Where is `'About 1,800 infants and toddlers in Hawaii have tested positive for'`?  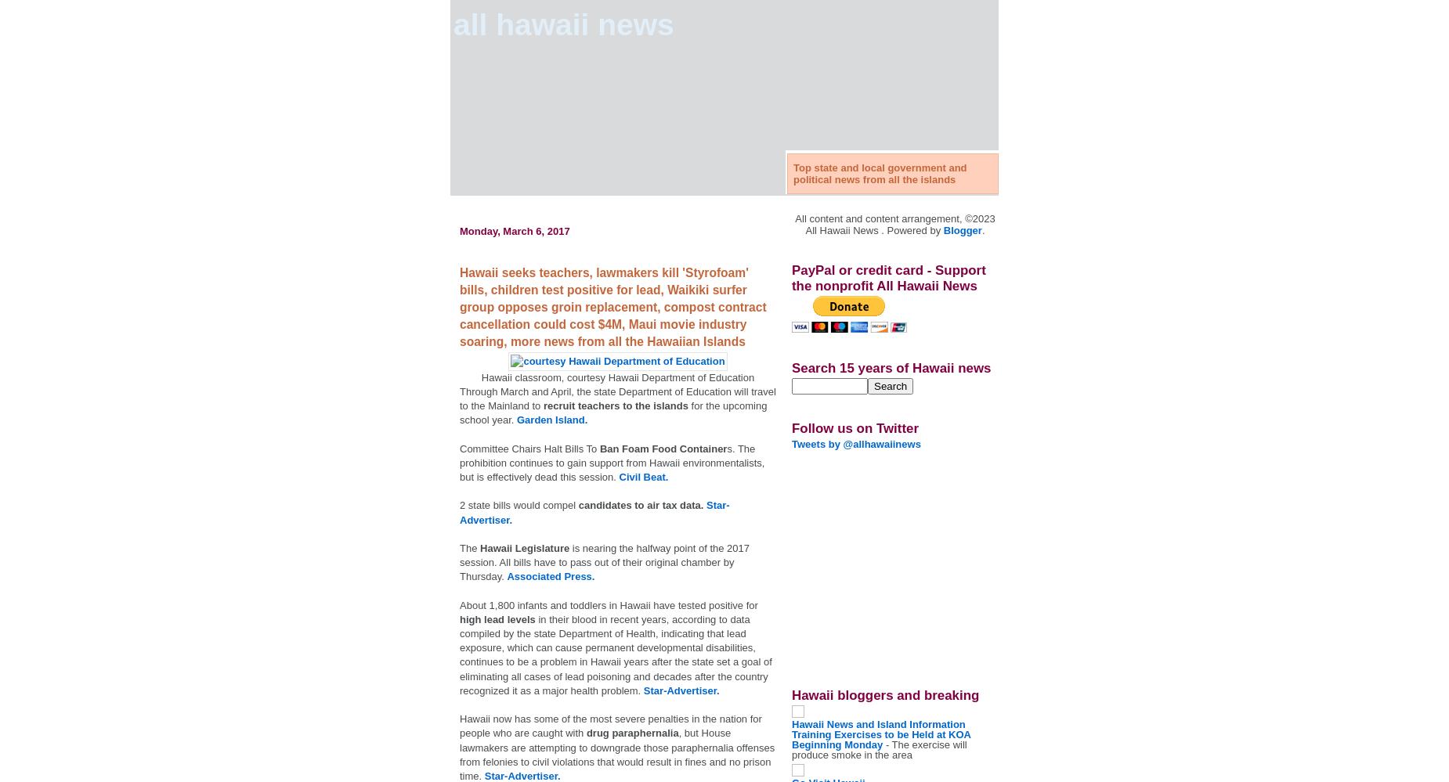 'About 1,800 infants and toddlers in Hawaii have tested positive for' is located at coordinates (609, 604).